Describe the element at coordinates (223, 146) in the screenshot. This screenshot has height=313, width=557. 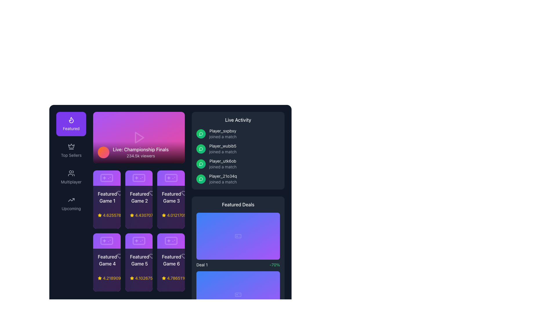
I see `the username text label indicating the player who joined the match in the 'Live Activity' section` at that location.